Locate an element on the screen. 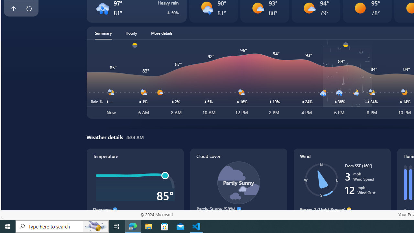 This screenshot has width=414, height=233. 'Temperature' is located at coordinates (135, 189).